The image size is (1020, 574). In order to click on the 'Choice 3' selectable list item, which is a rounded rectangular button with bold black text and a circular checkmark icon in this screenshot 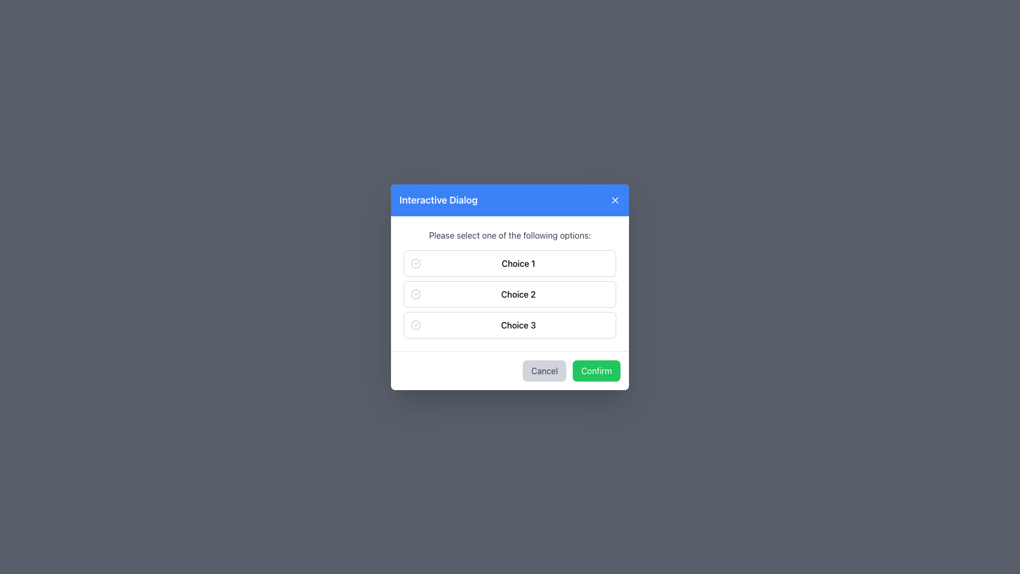, I will do `click(510, 324)`.